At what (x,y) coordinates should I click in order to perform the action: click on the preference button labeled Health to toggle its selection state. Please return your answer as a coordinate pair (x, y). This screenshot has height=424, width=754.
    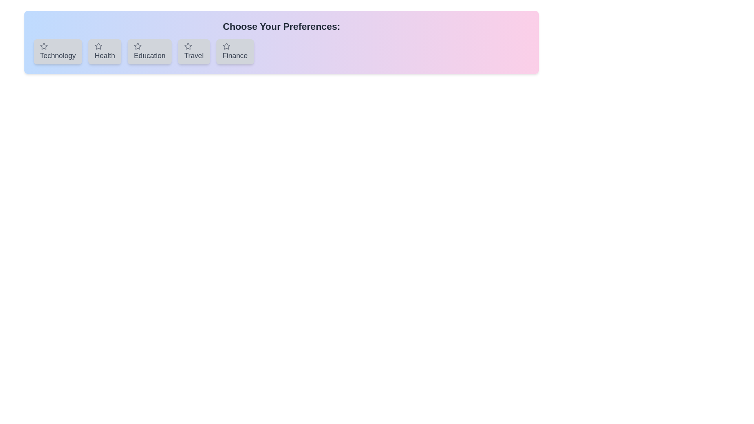
    Looking at the image, I should click on (104, 51).